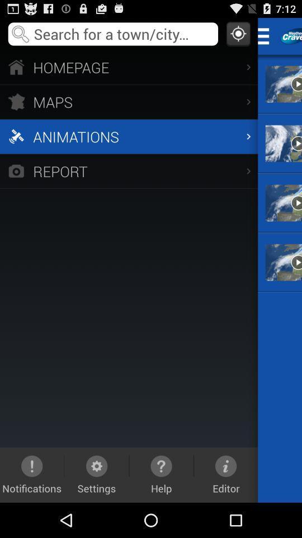 The width and height of the screenshot is (302, 538). Describe the element at coordinates (226, 474) in the screenshot. I see `the icon below report` at that location.